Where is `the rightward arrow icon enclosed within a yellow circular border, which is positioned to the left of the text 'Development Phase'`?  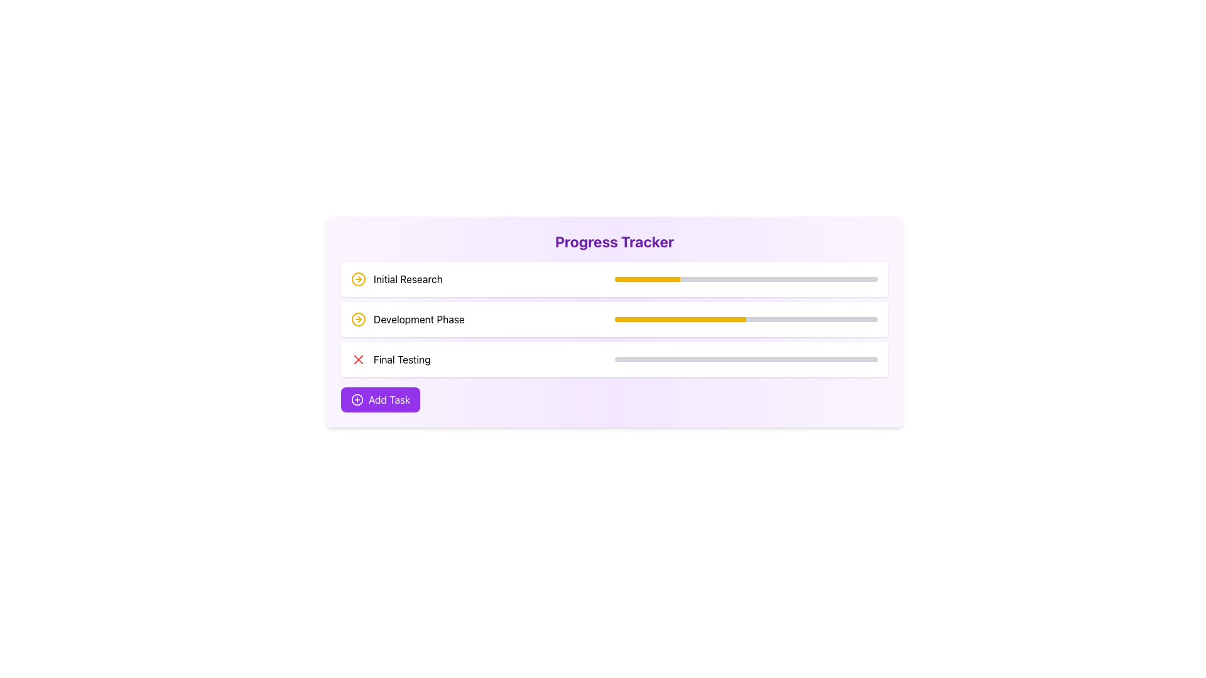 the rightward arrow icon enclosed within a yellow circular border, which is positioned to the left of the text 'Development Phase' is located at coordinates (358, 319).